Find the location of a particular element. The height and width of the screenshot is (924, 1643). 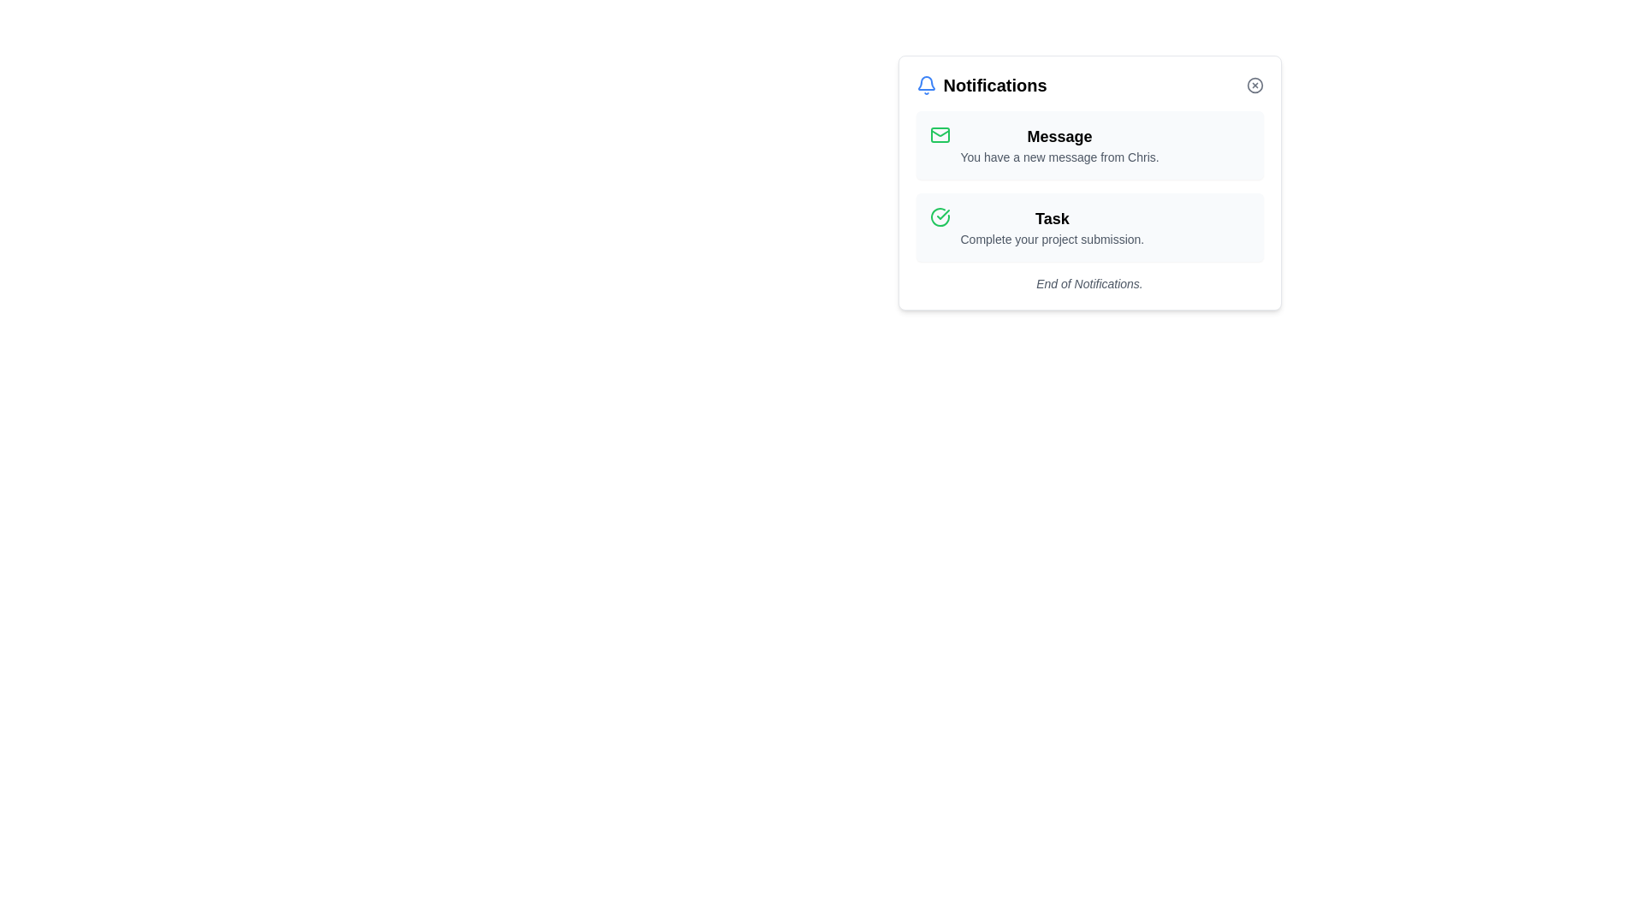

the Image element of the SVG icon resembling a mail envelope located within the notification panel under the list item labeled 'Message' is located at coordinates (939, 134).